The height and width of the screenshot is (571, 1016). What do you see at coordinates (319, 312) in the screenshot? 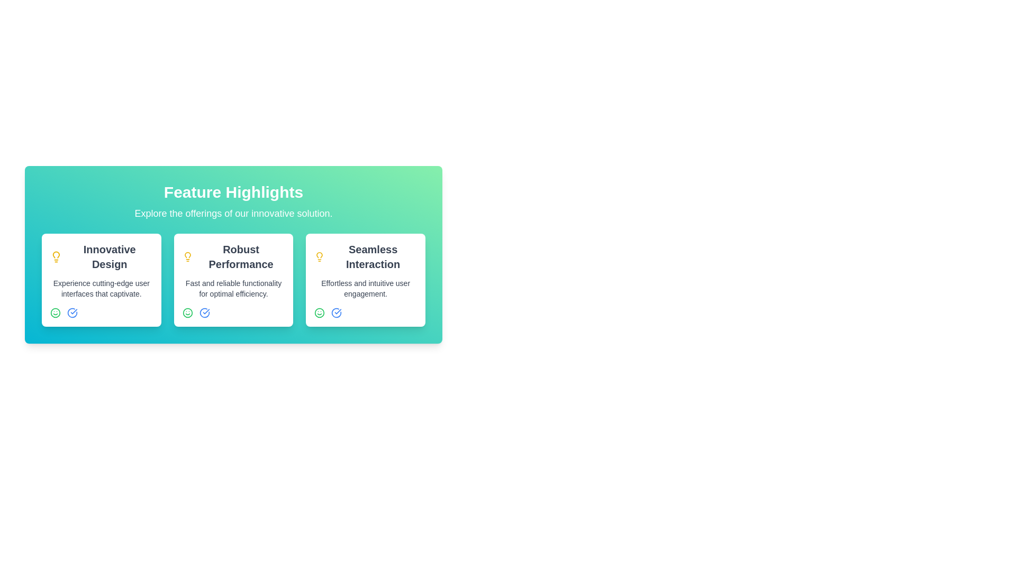
I see `the green circular smiley face icon located at the bottom of the card labeled 'Innovative Design', which is the leftmost icon in a group of two icons` at bounding box center [319, 312].